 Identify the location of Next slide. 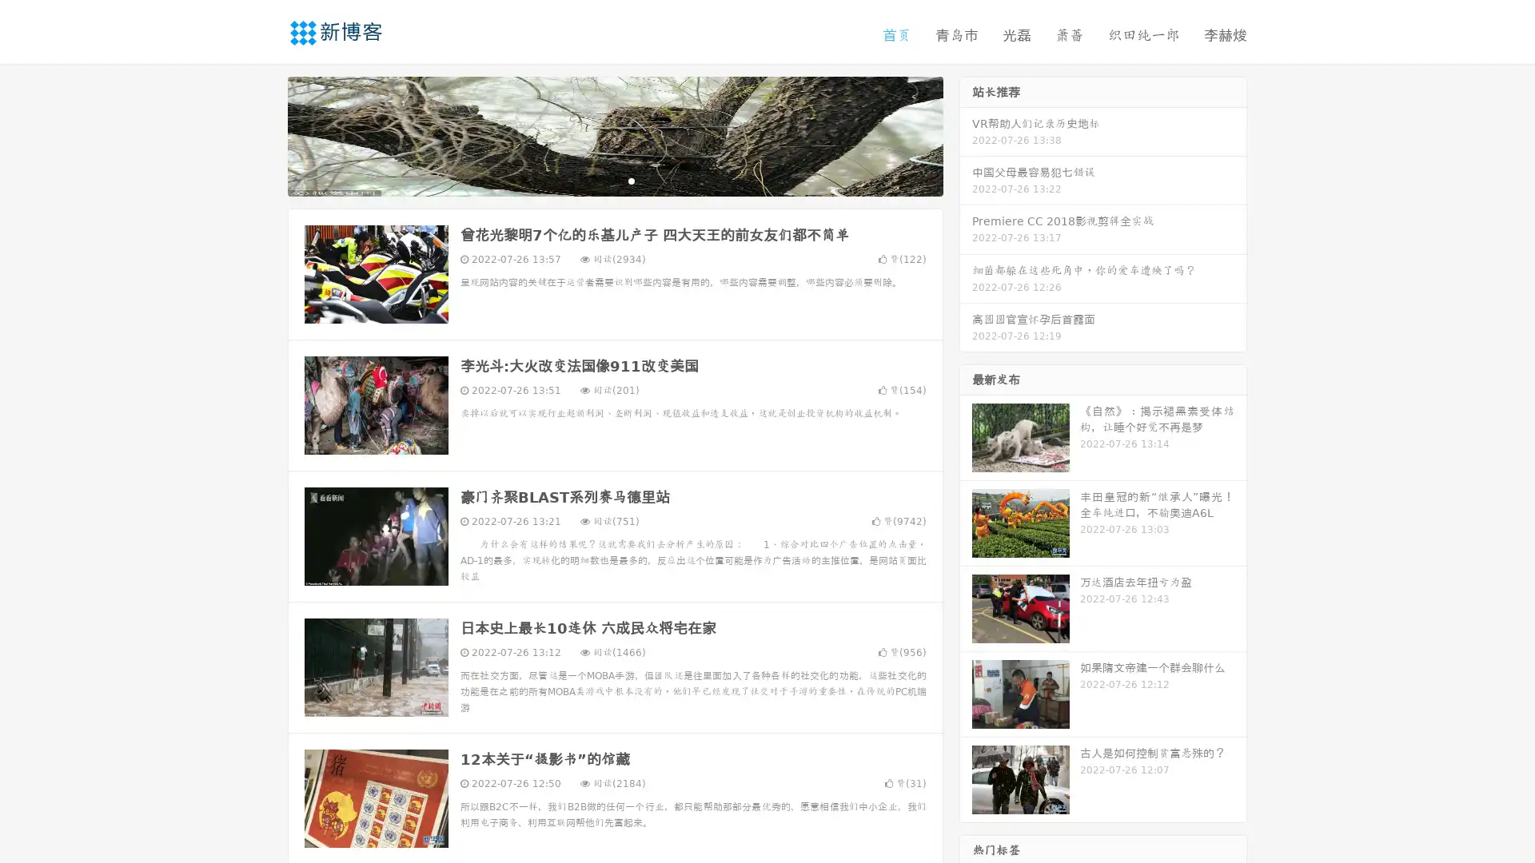
(966, 134).